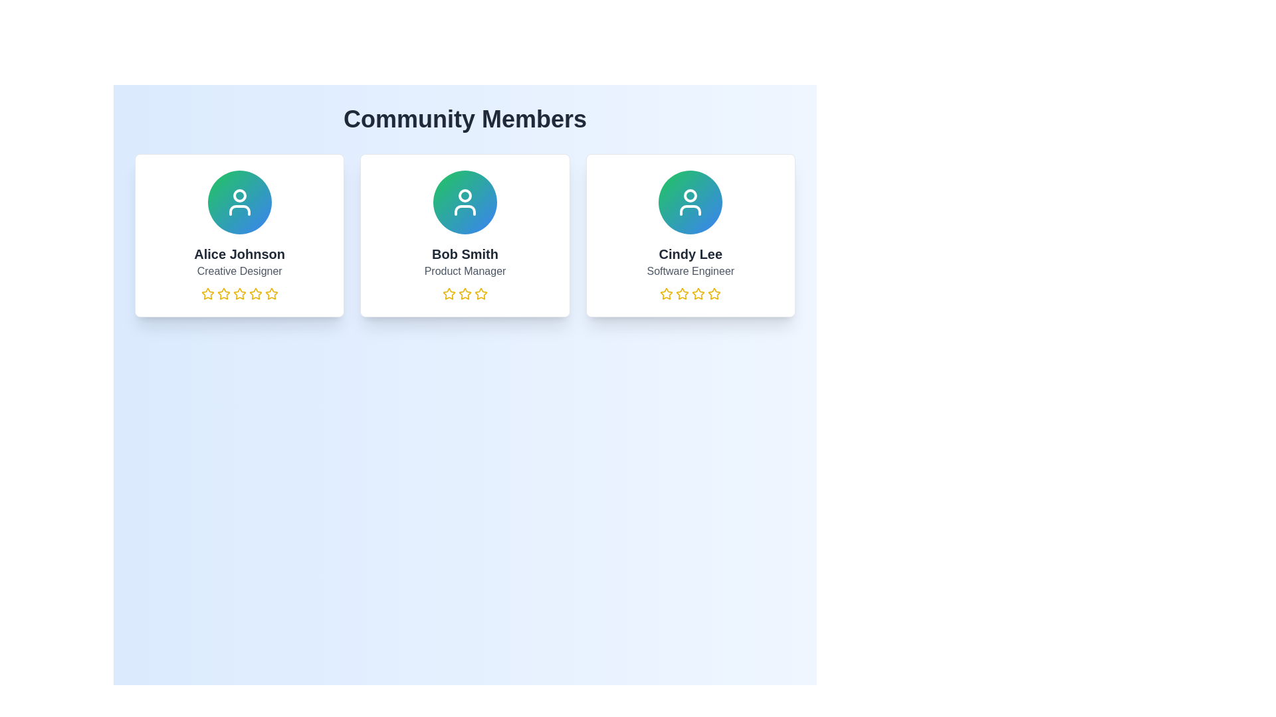 This screenshot has height=717, width=1276. Describe the element at coordinates (690, 254) in the screenshot. I see `styling of the text 'Cindy Lee', which is the topmost text in the rightmost card of the community member profiles` at that location.